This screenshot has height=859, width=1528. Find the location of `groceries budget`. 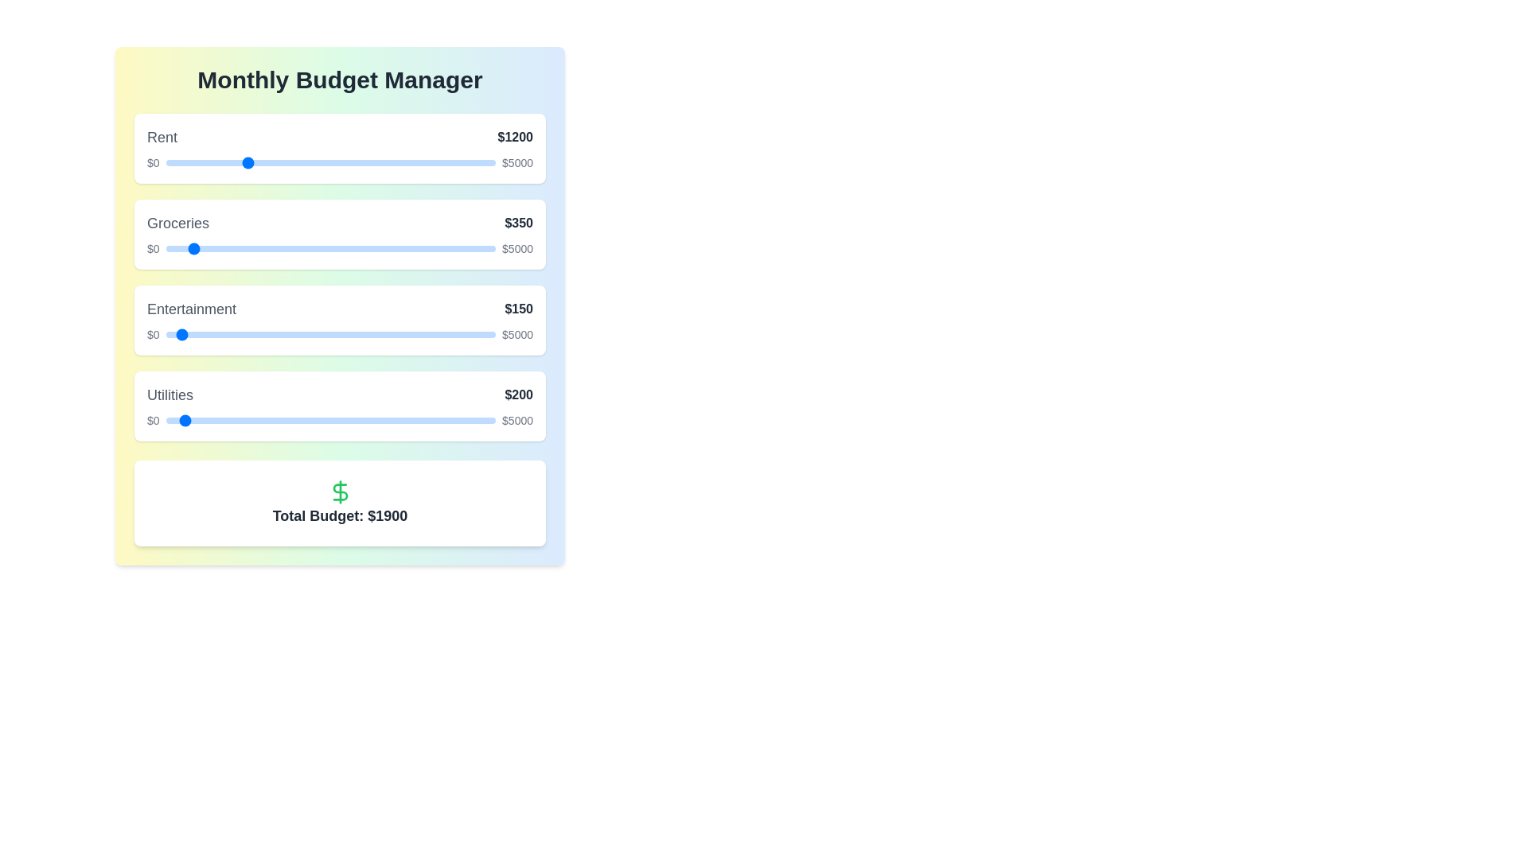

groceries budget is located at coordinates (302, 248).